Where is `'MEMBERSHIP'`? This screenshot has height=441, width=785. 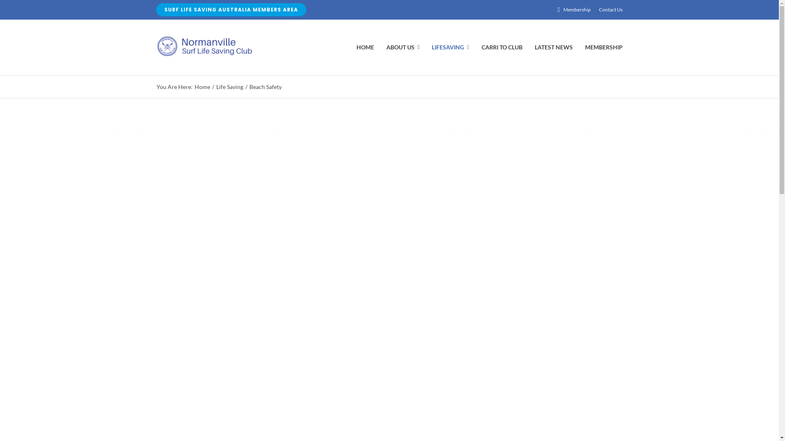
'MEMBERSHIP' is located at coordinates (604, 47).